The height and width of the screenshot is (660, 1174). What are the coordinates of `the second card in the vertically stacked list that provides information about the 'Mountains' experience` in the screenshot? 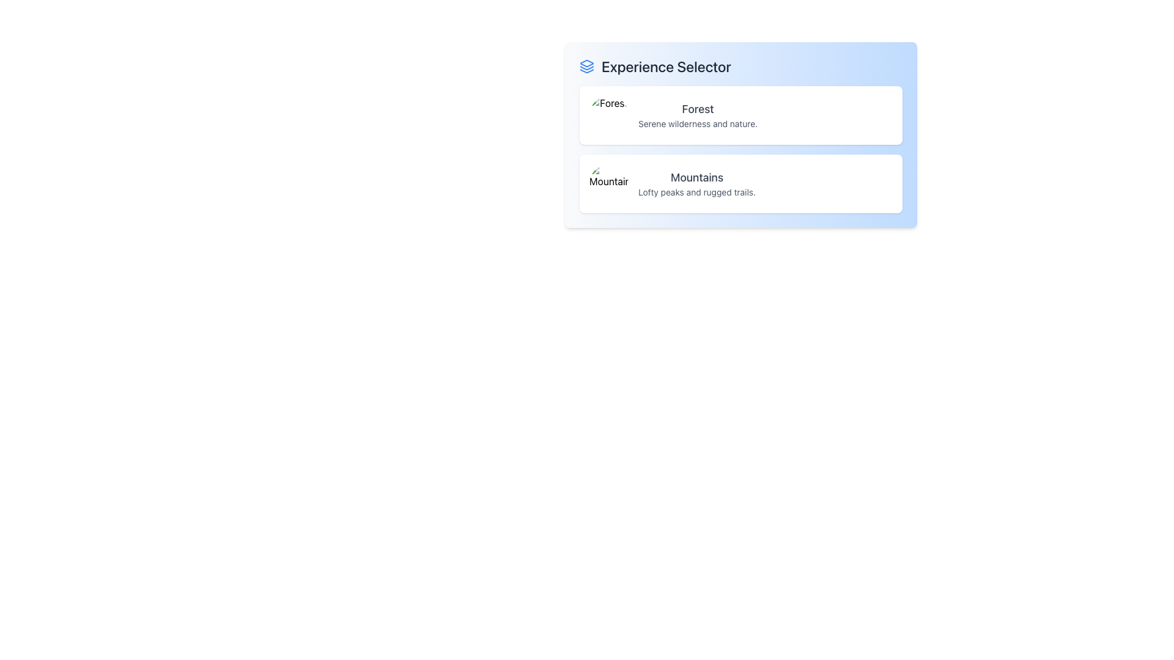 It's located at (740, 183).